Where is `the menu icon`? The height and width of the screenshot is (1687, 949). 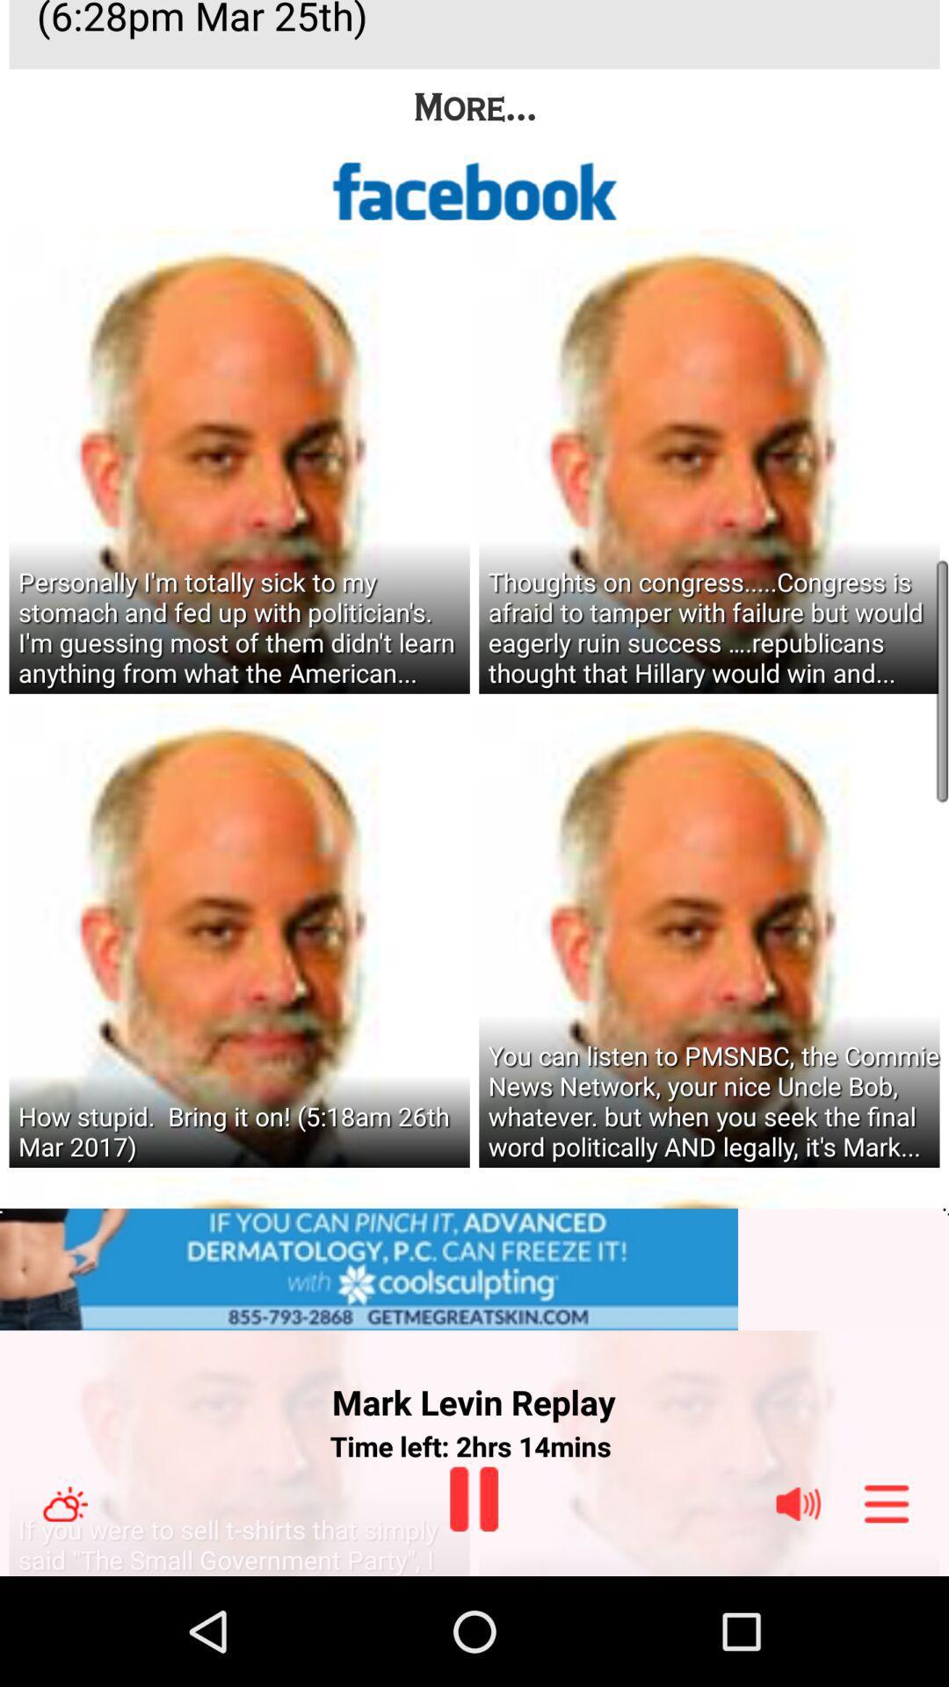 the menu icon is located at coordinates (887, 1610).